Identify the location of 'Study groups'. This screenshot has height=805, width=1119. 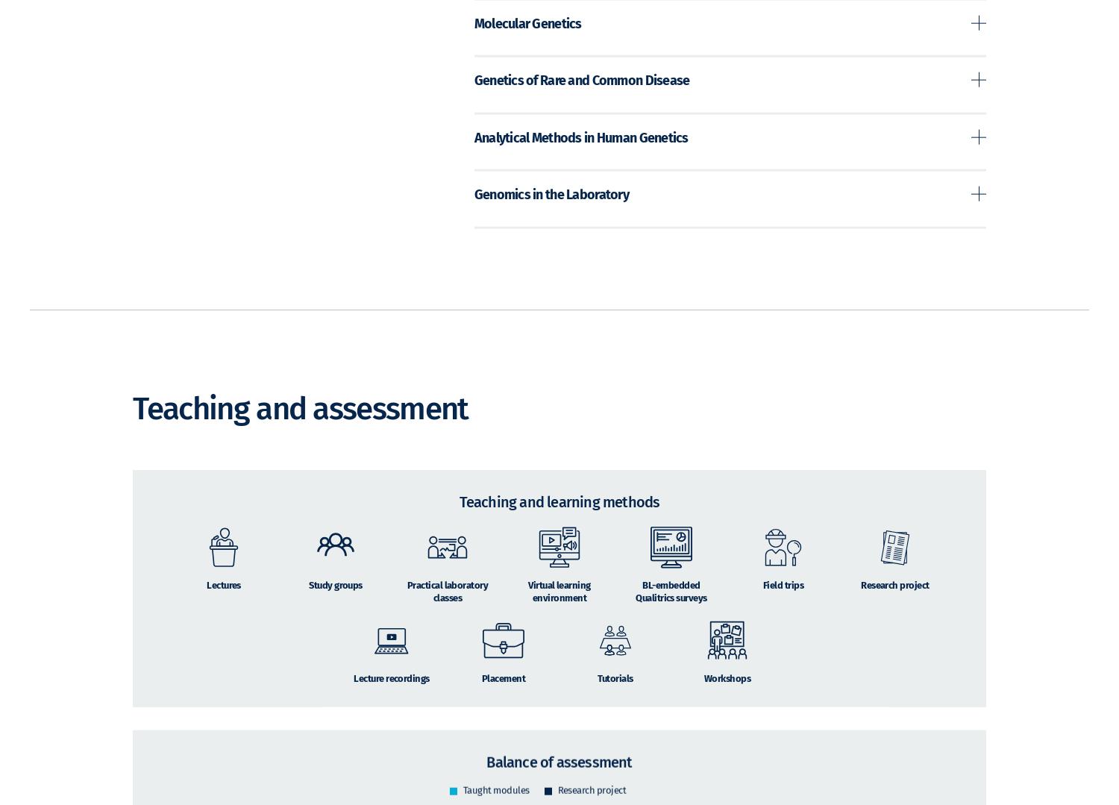
(334, 606).